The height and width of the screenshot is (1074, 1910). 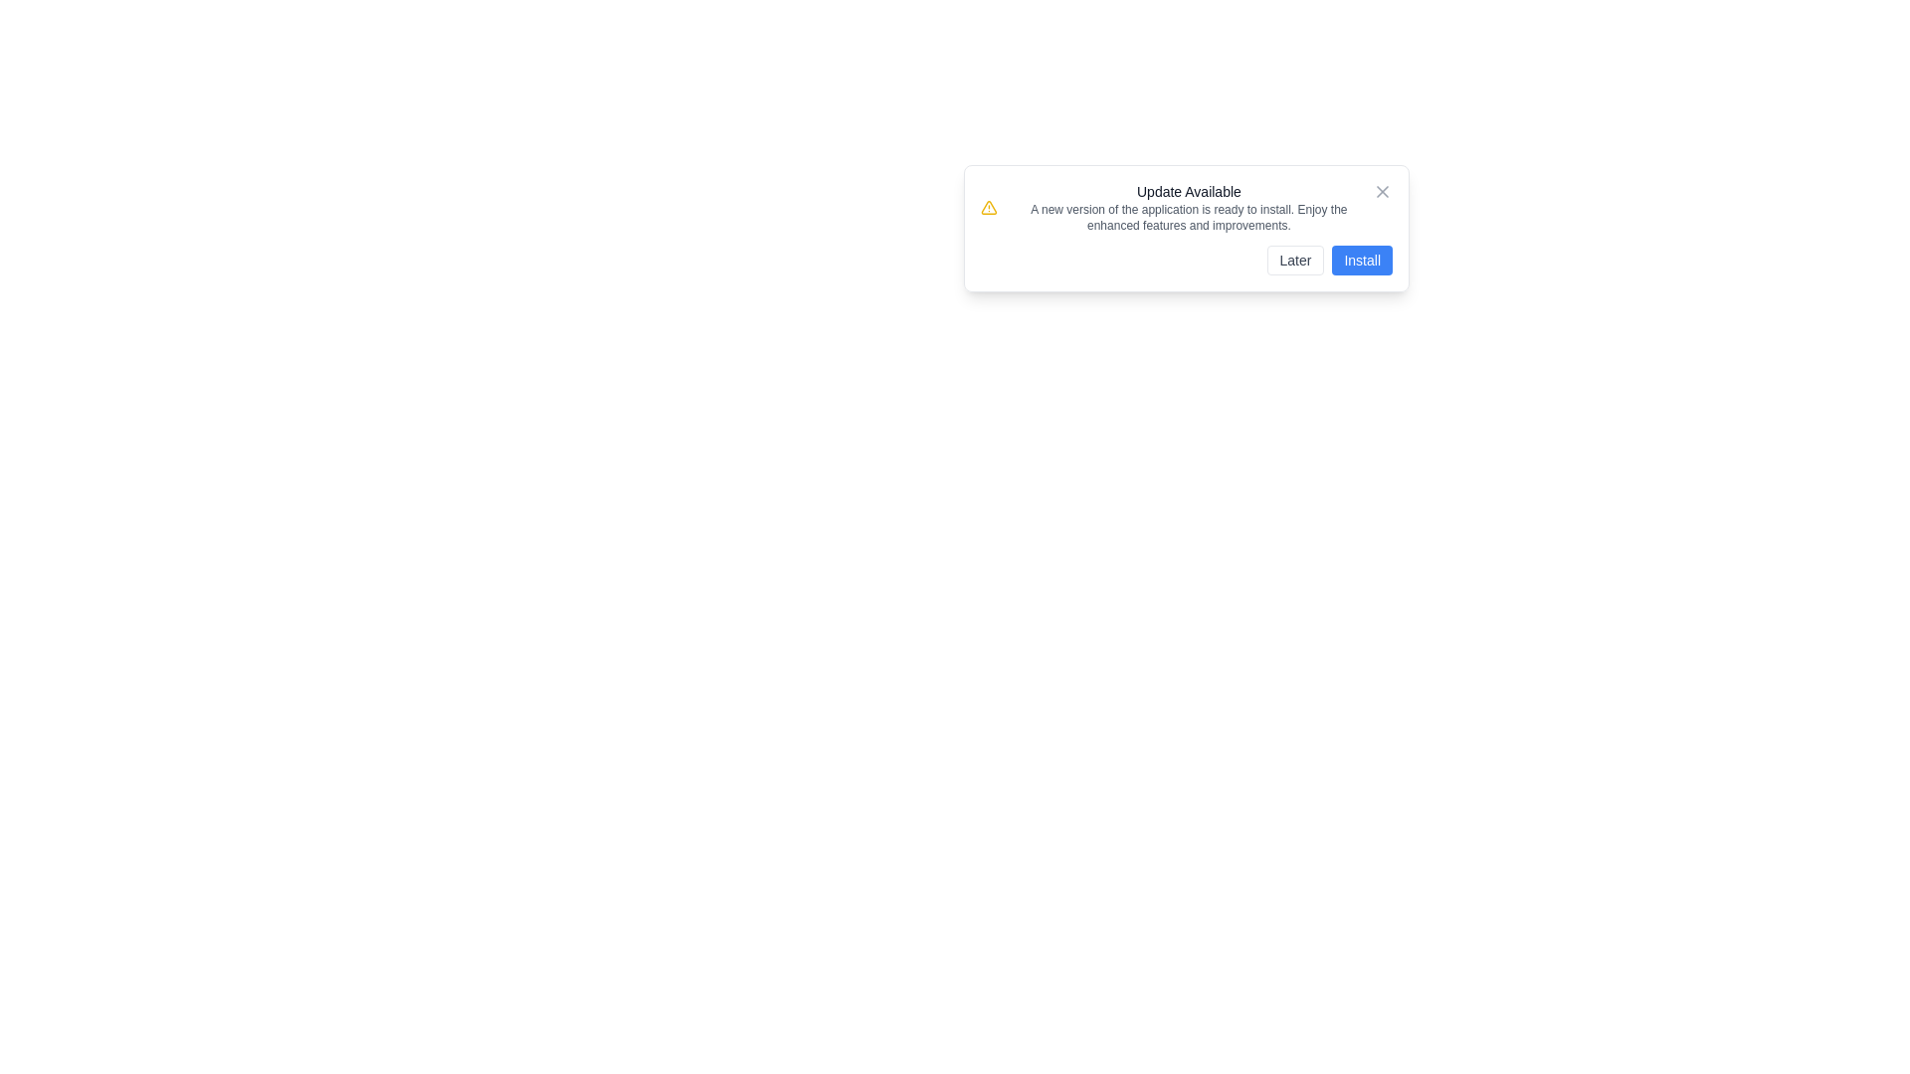 I want to click on message in the Notification or modal content header that informs the user about an available application update, positioned above the 'Later' and 'Install' buttons, so click(x=1187, y=207).